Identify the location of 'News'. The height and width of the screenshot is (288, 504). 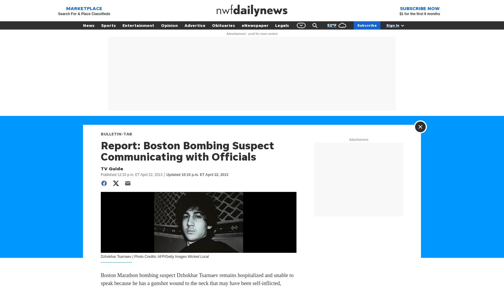
(83, 25).